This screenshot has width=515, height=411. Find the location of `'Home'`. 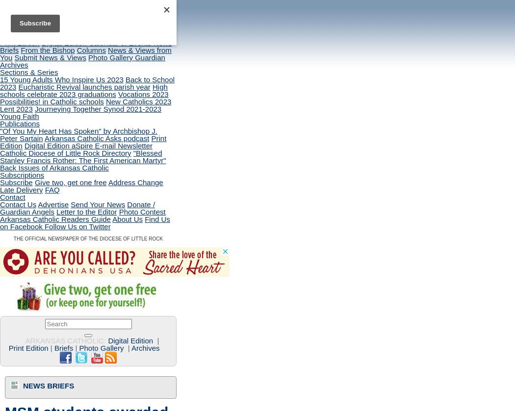

'Home' is located at coordinates (9, 28).